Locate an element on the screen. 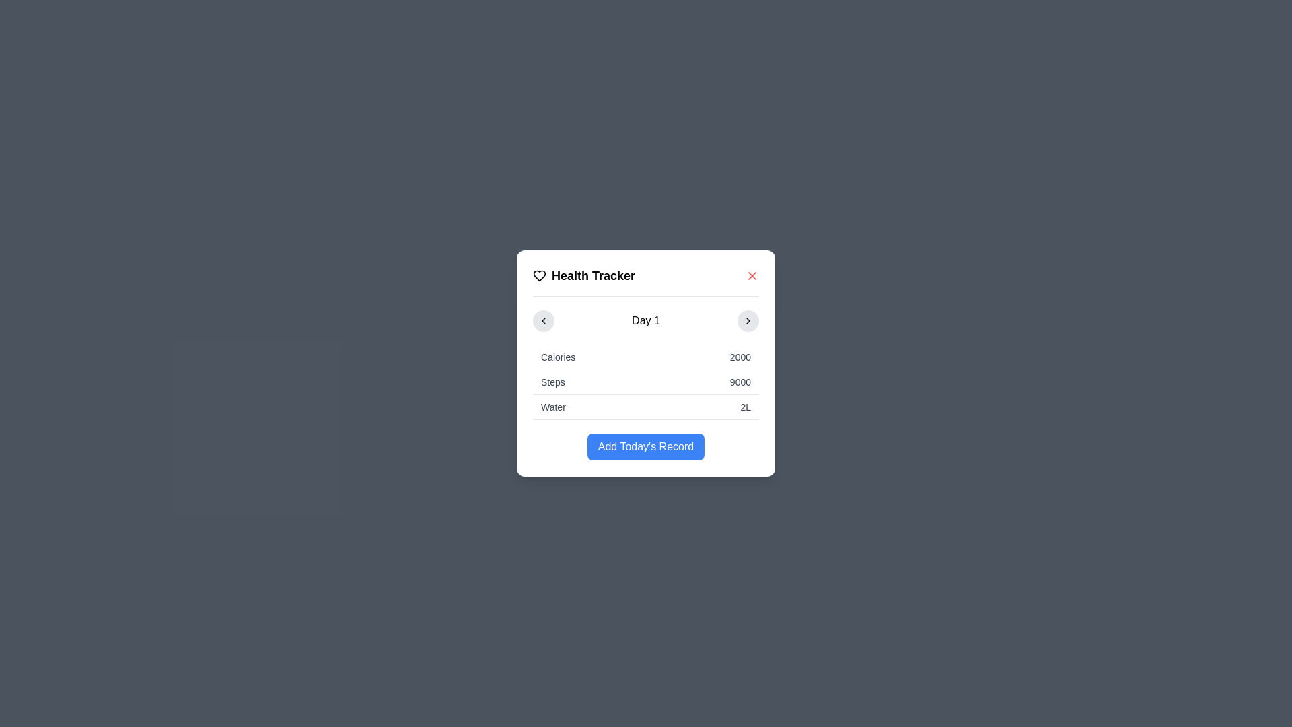 The image size is (1292, 727). the leftward arrow icon button with a gray background, located to the left of the 'Day 1' heading in the modal window is located at coordinates (543, 321).